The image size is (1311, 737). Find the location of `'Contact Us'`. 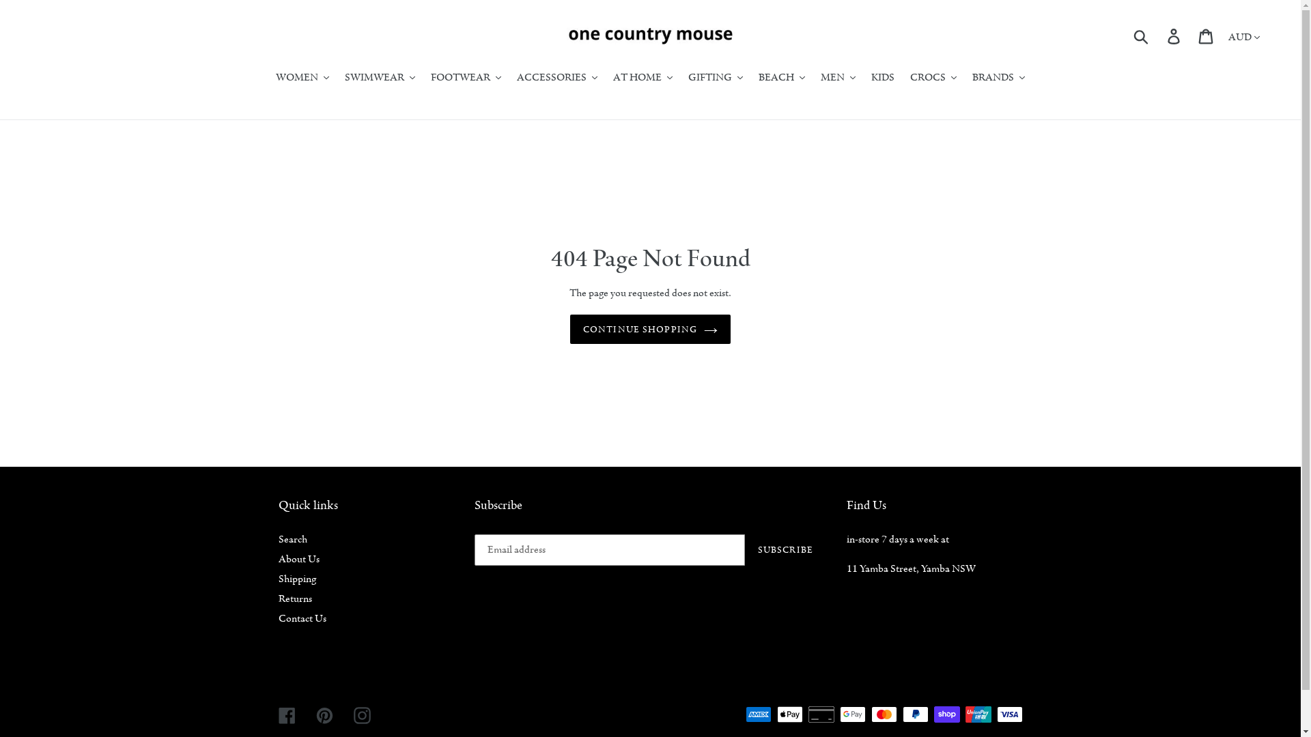

'Contact Us' is located at coordinates (301, 618).